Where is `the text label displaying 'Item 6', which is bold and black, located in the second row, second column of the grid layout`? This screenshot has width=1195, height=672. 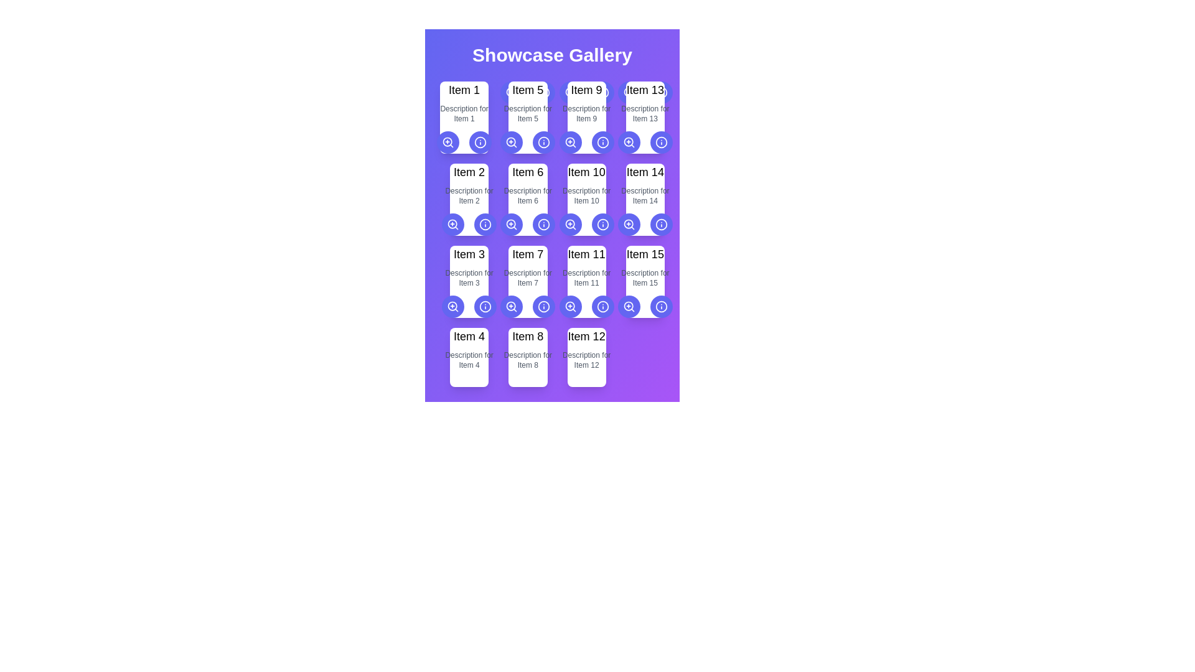 the text label displaying 'Item 6', which is bold and black, located in the second row, second column of the grid layout is located at coordinates (528, 172).